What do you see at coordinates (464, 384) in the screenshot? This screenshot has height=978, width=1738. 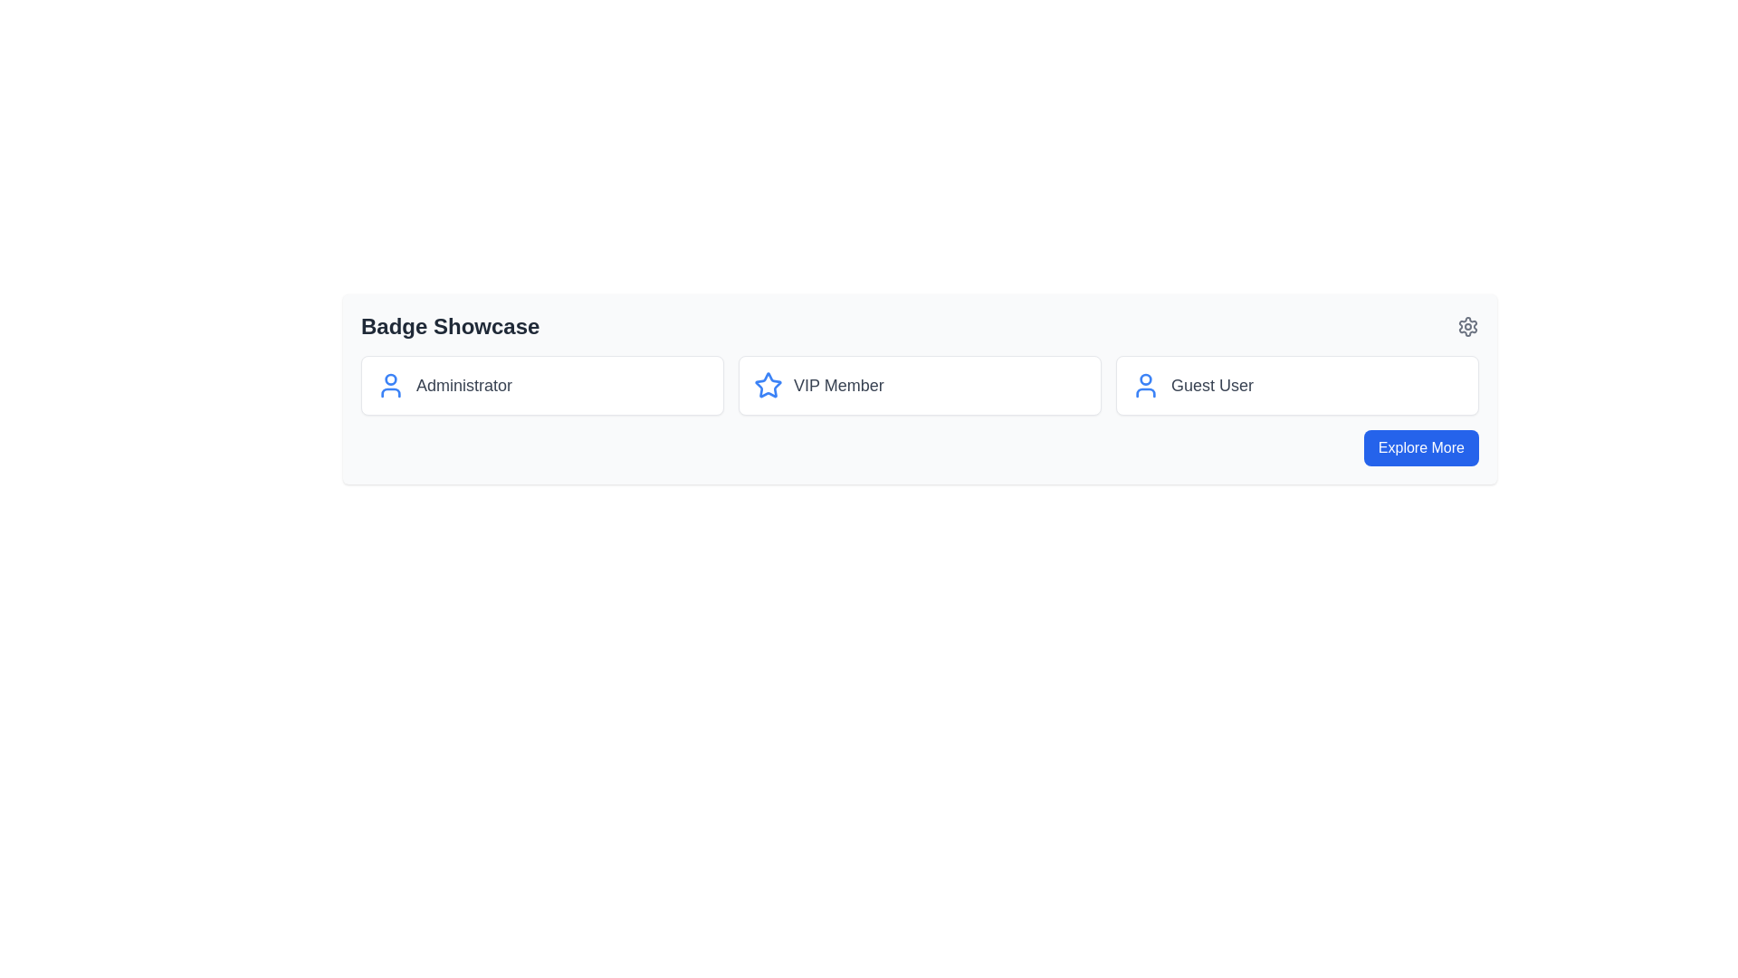 I see `the text element that displays the user role as 'Administrator', which is located in the leftmost section of a horizontally aligned list, immediately to the right of the user icon` at bounding box center [464, 384].